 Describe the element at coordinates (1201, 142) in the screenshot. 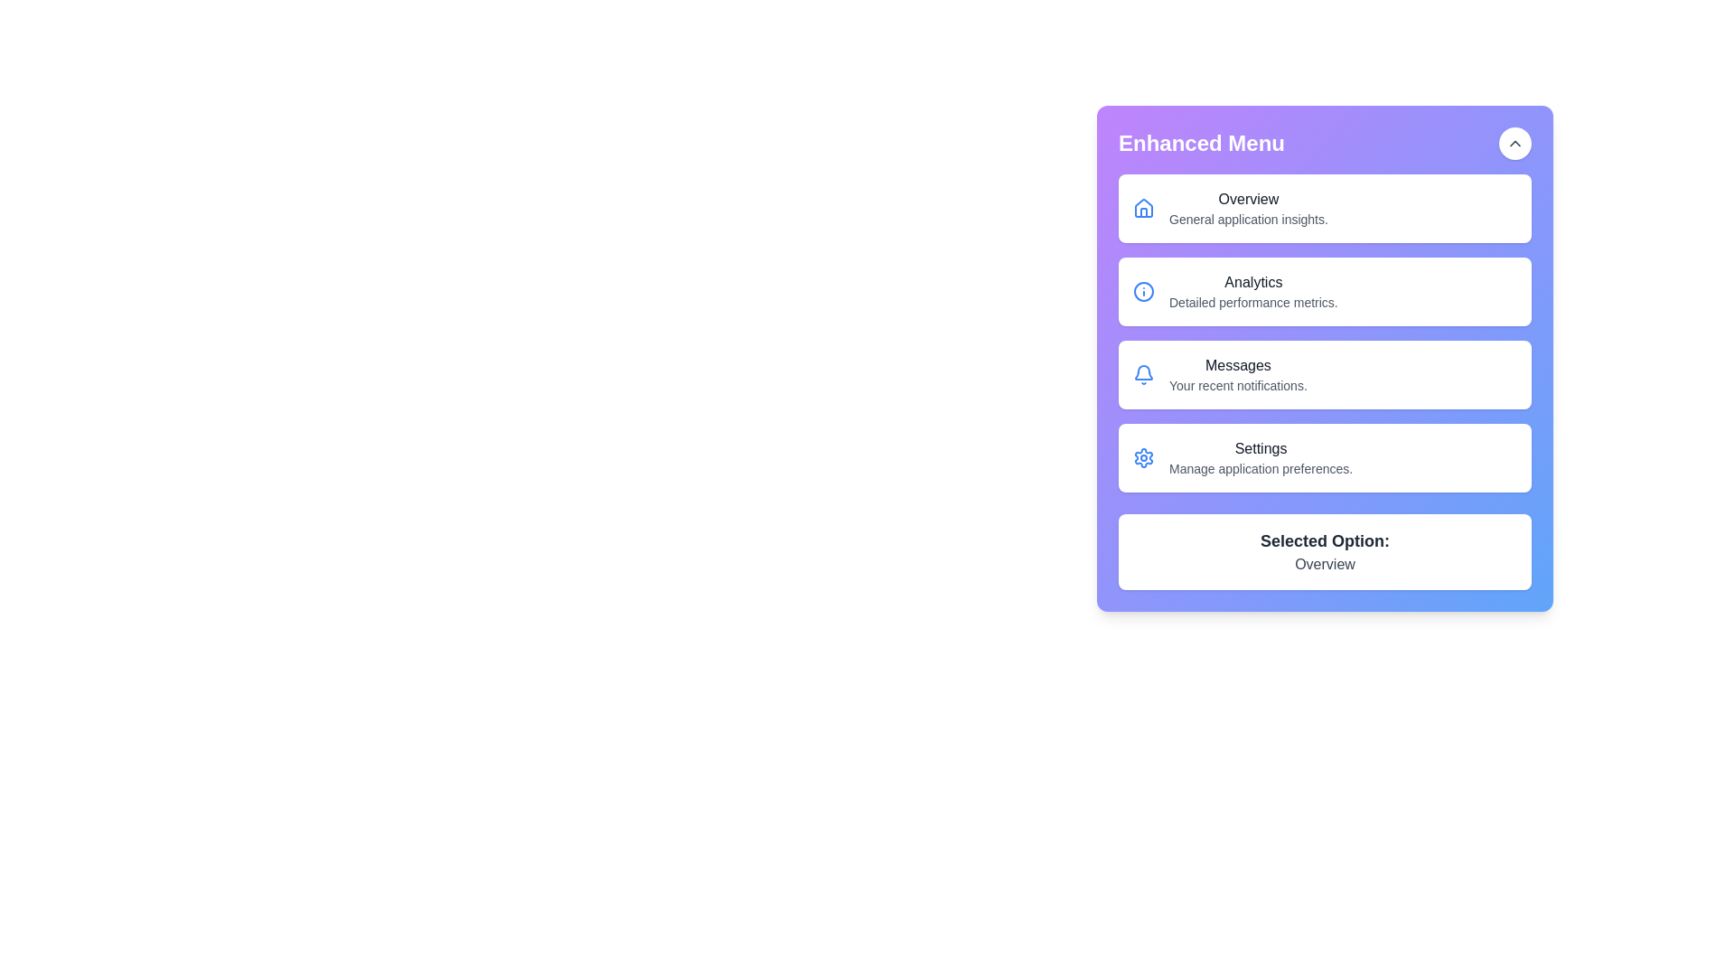

I see `the static text or label at the top left of the menu interface, which serves as the header for the menu contents` at that location.